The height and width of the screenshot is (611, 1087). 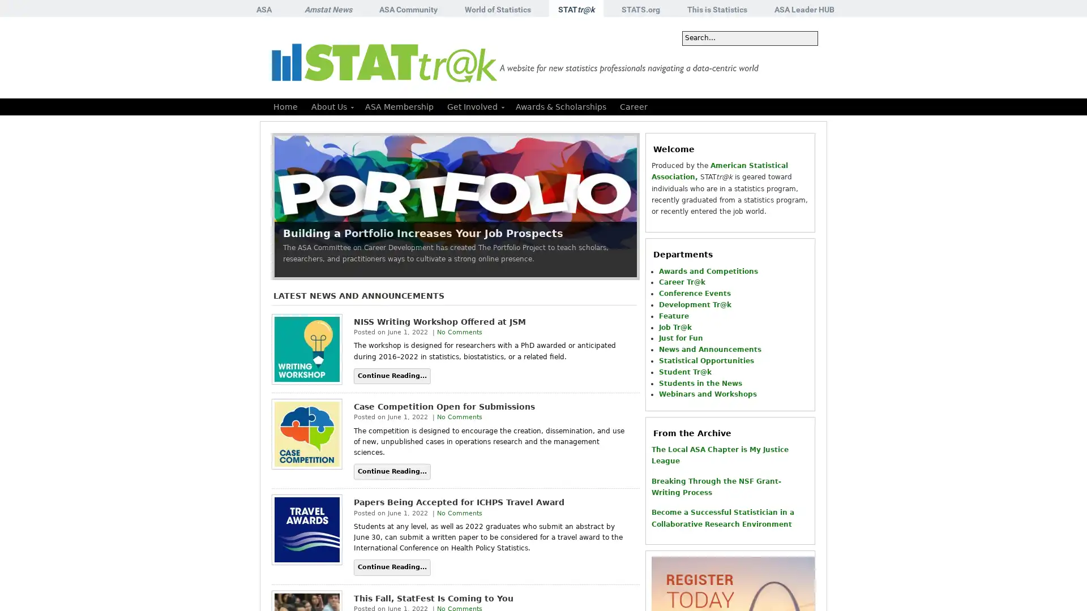 I want to click on Search, so click(x=802, y=38).